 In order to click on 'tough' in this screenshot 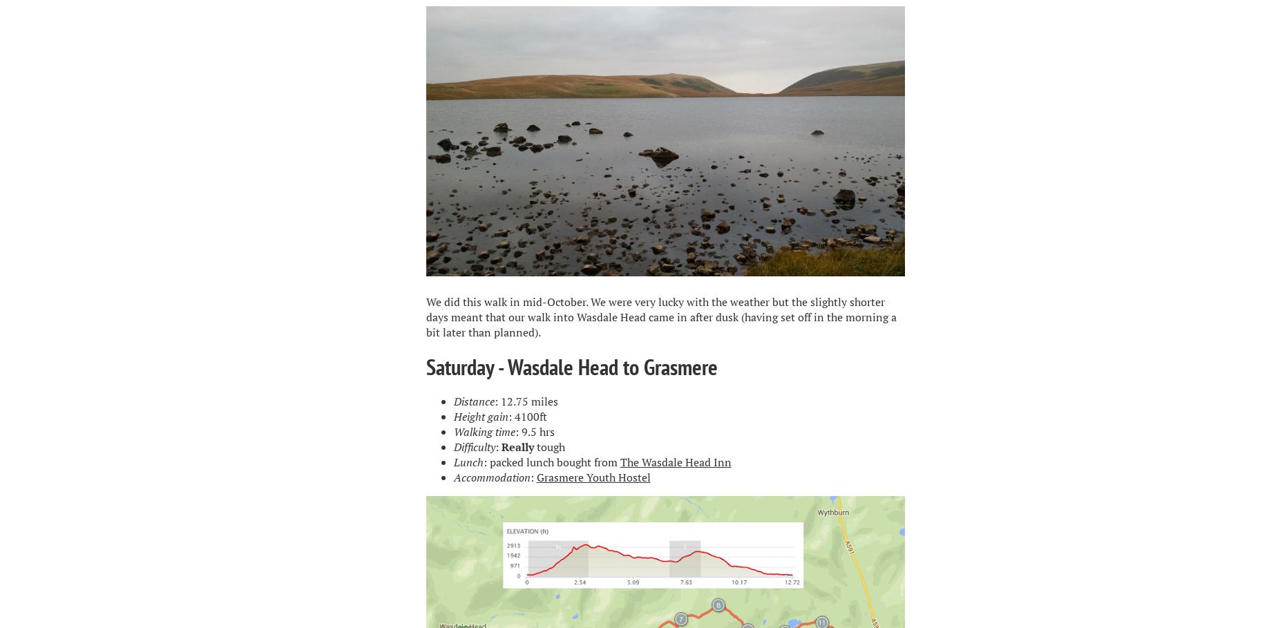, I will do `click(549, 446)`.